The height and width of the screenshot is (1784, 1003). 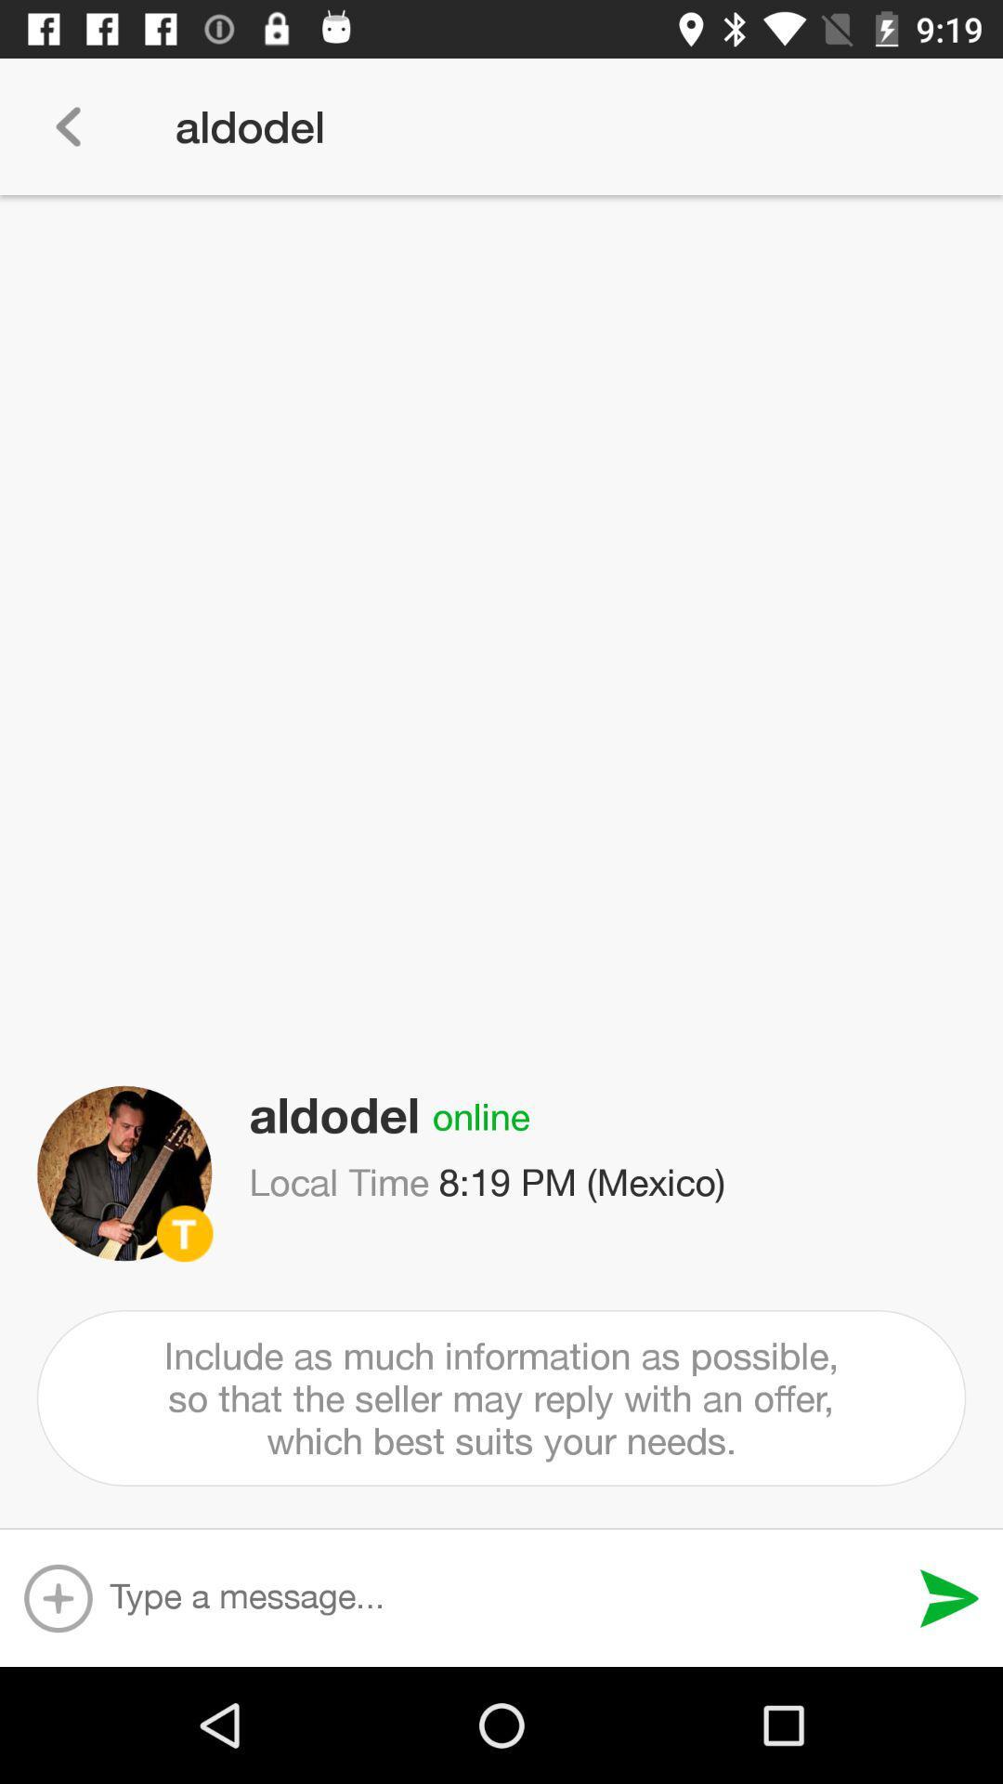 I want to click on the add icon, so click(x=57, y=1597).